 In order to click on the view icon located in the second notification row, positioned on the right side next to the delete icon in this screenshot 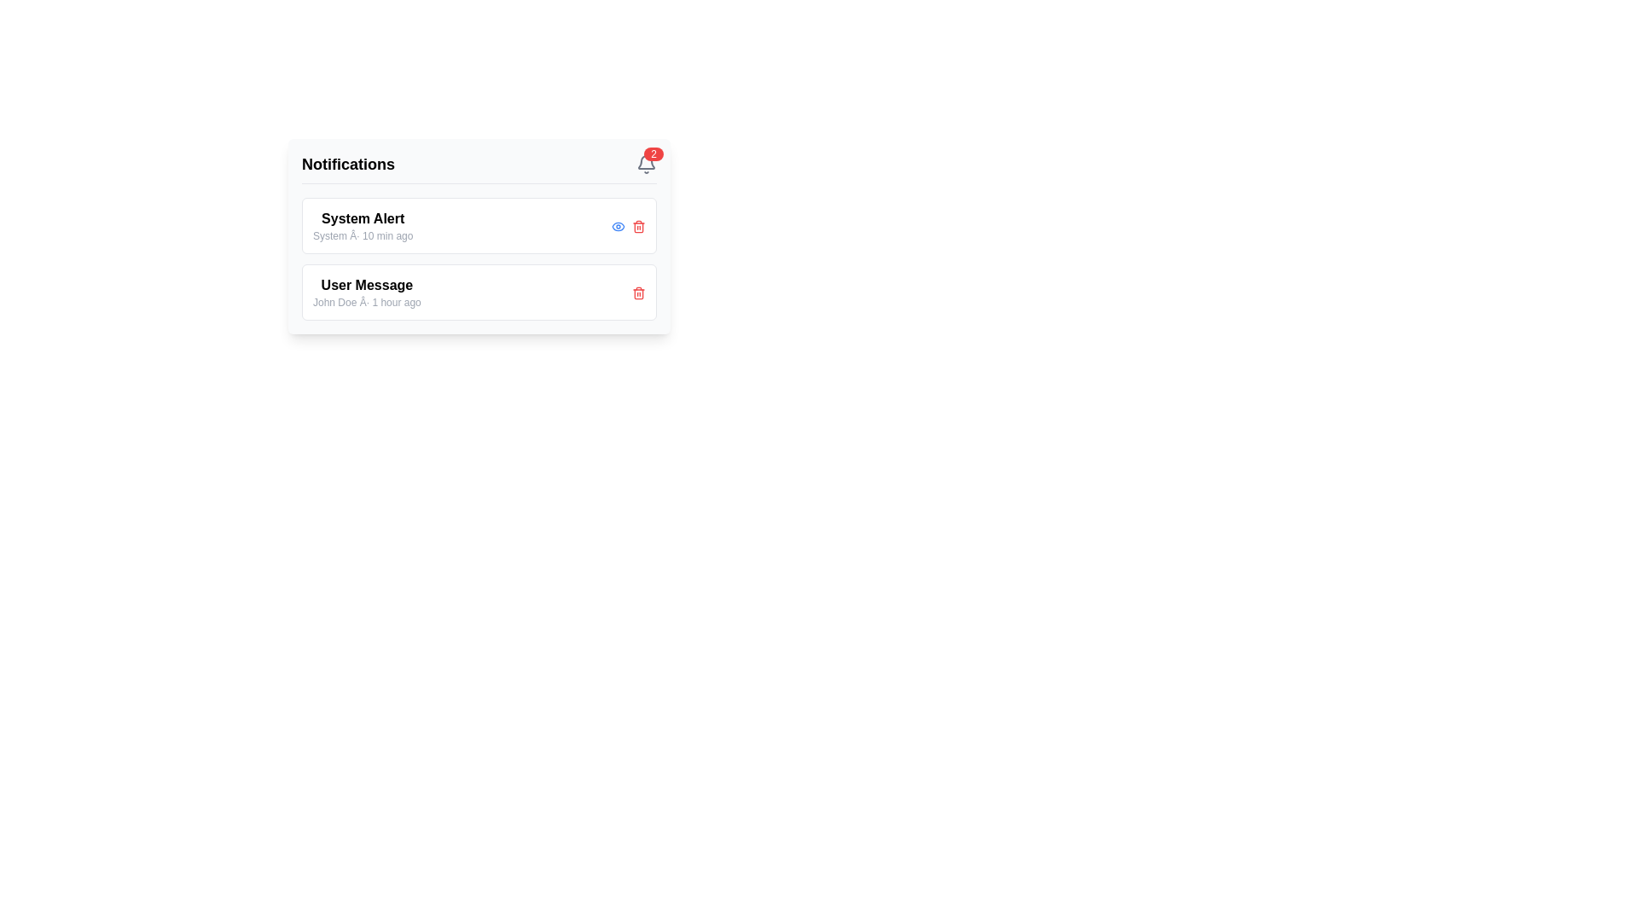, I will do `click(617, 225)`.